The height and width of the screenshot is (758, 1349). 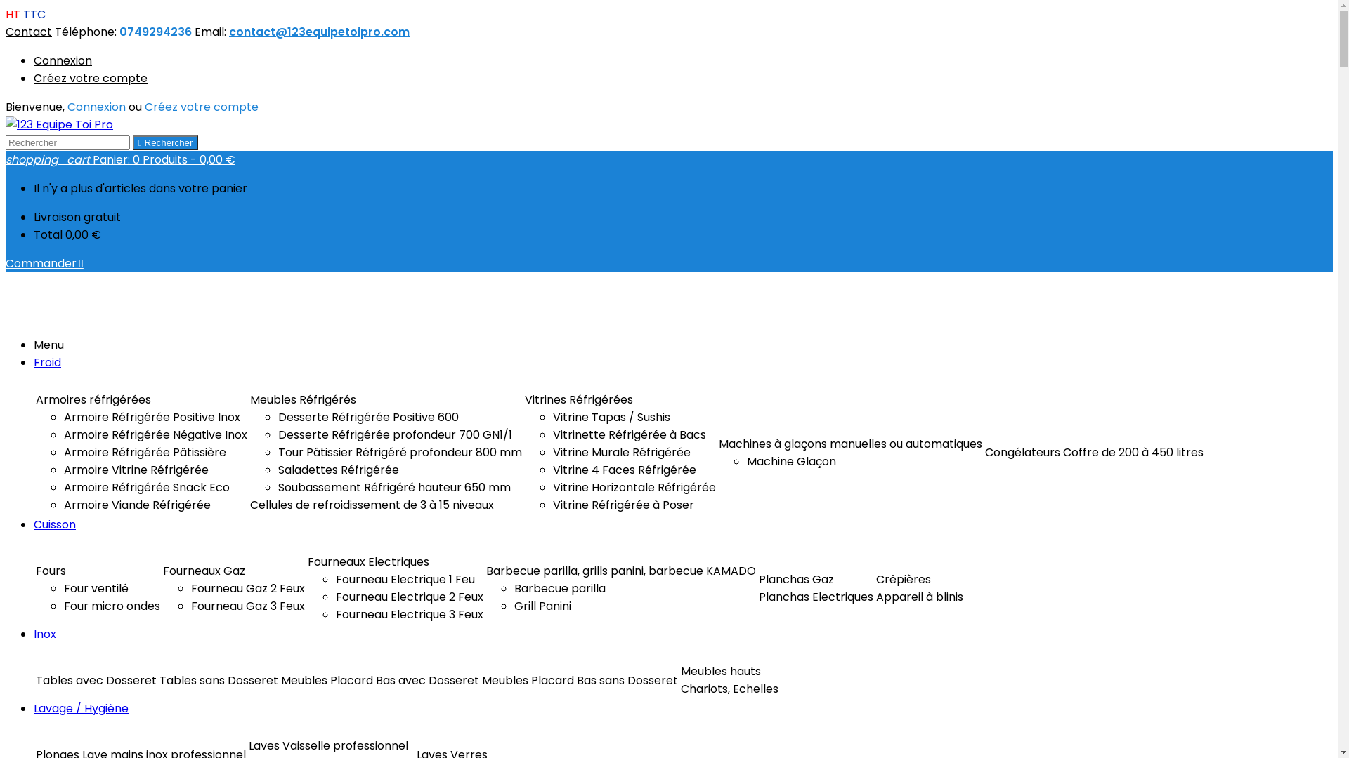 I want to click on 'Inox', so click(x=34, y=634).